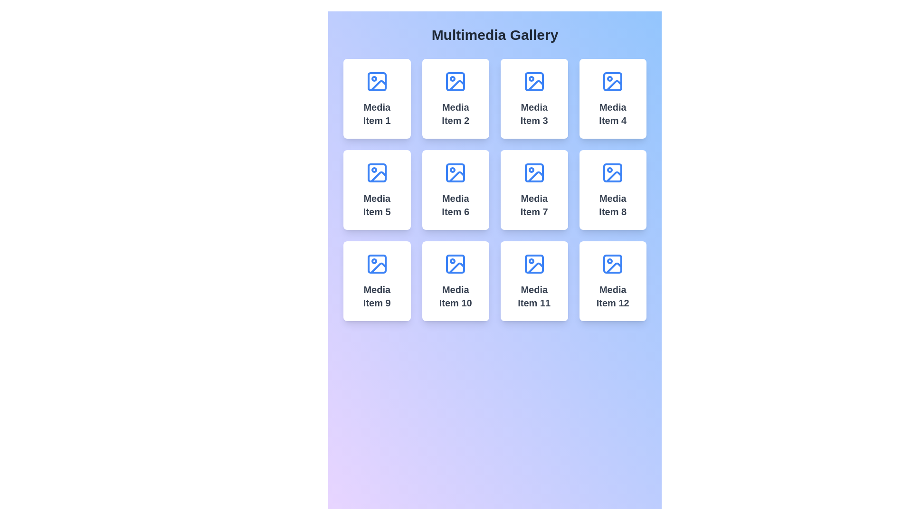 Image resolution: width=912 pixels, height=513 pixels. I want to click on the blue icon representing the media item located in the center of the card labeled 'Media Item 7', so click(534, 172).